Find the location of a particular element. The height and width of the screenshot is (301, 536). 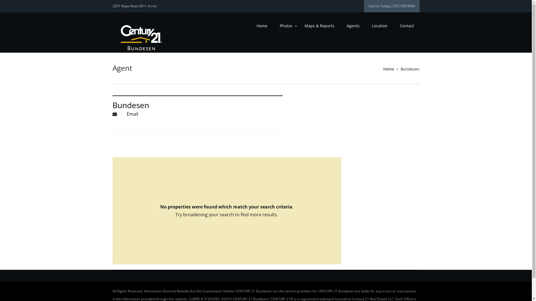

'Home' is located at coordinates (388, 69).